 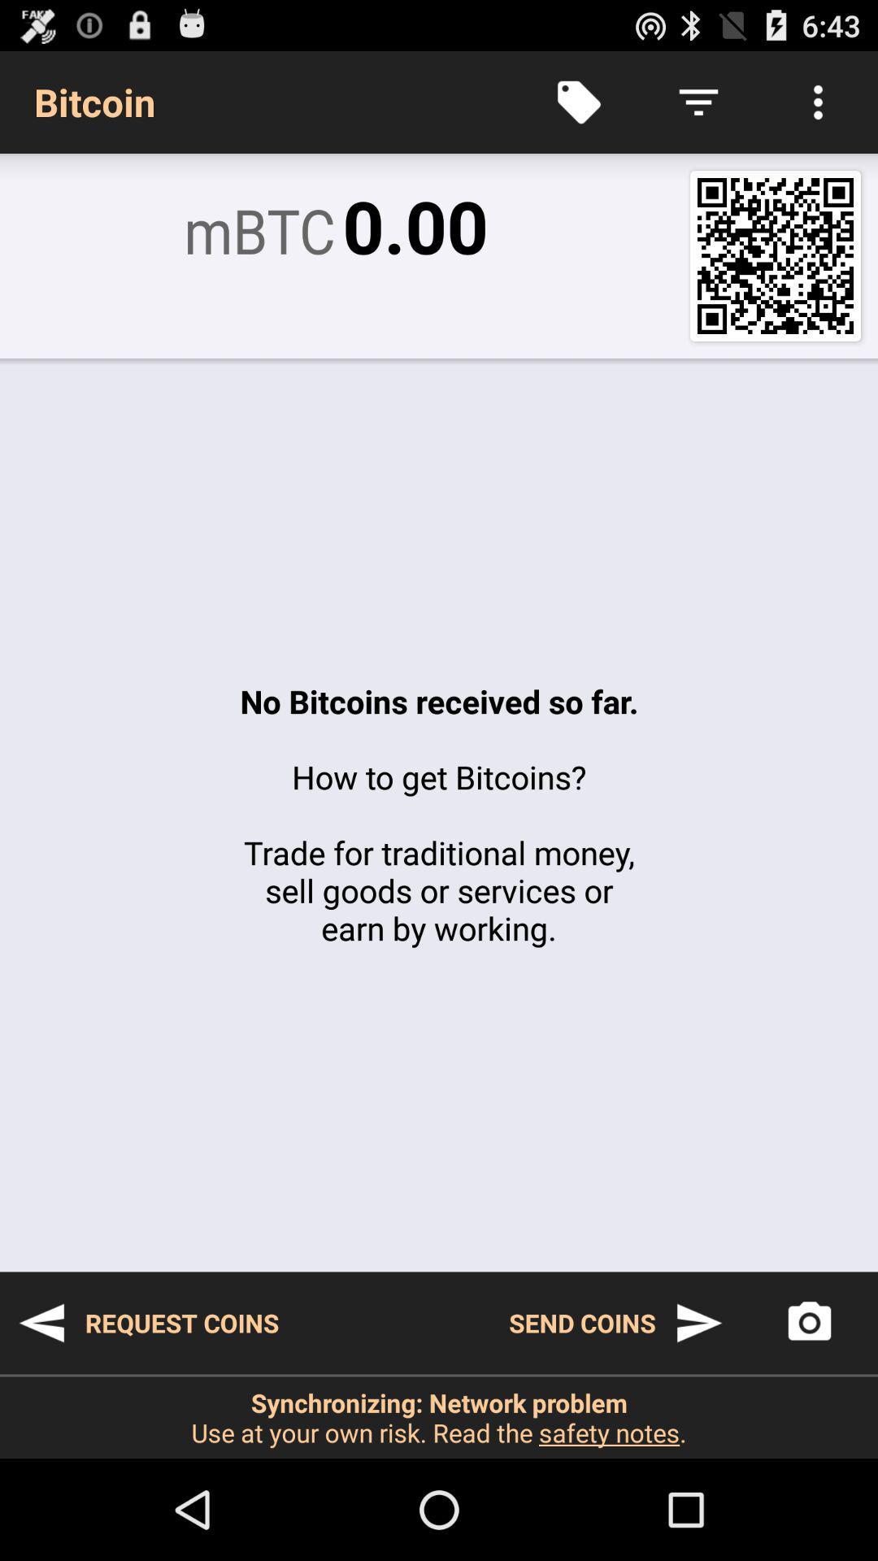 I want to click on the app above synchronizing network problem item, so click(x=148, y=1323).